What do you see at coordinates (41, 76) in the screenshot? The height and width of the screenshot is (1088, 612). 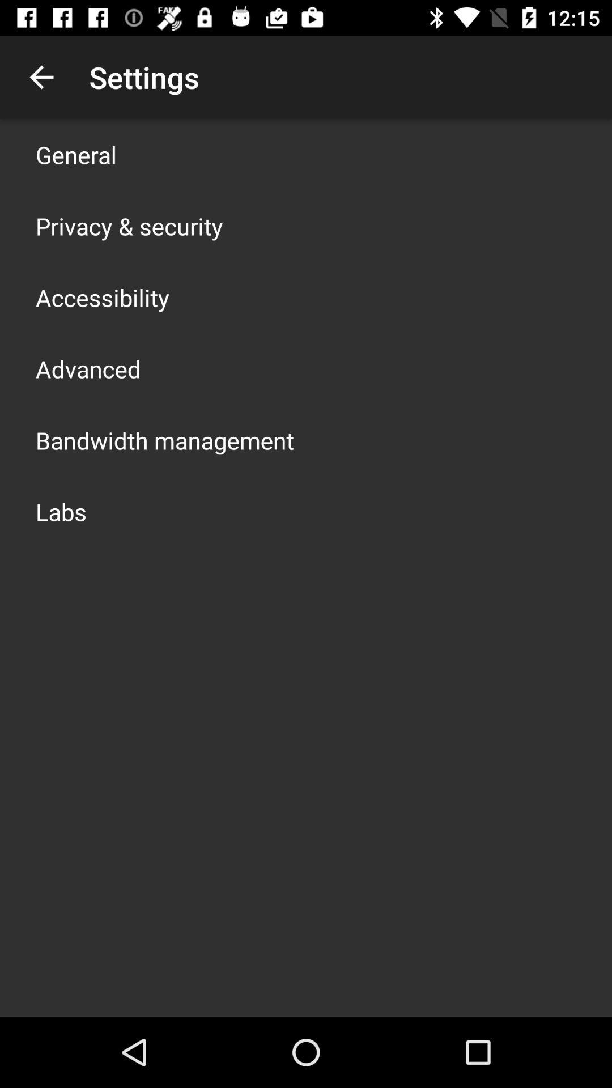 I see `the icon next to the settings app` at bounding box center [41, 76].